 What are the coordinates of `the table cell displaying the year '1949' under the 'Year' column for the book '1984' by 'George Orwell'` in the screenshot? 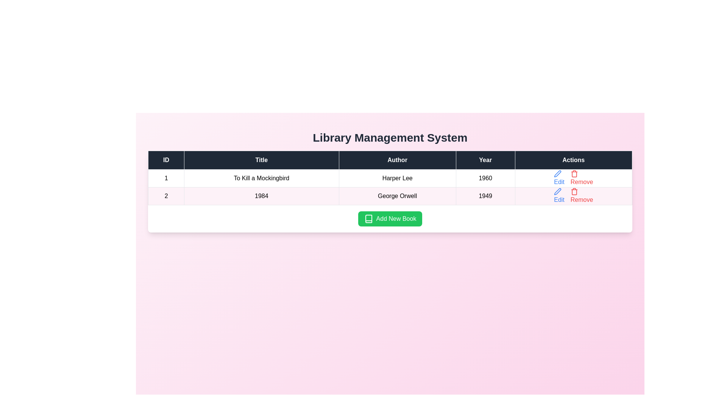 It's located at (485, 195).